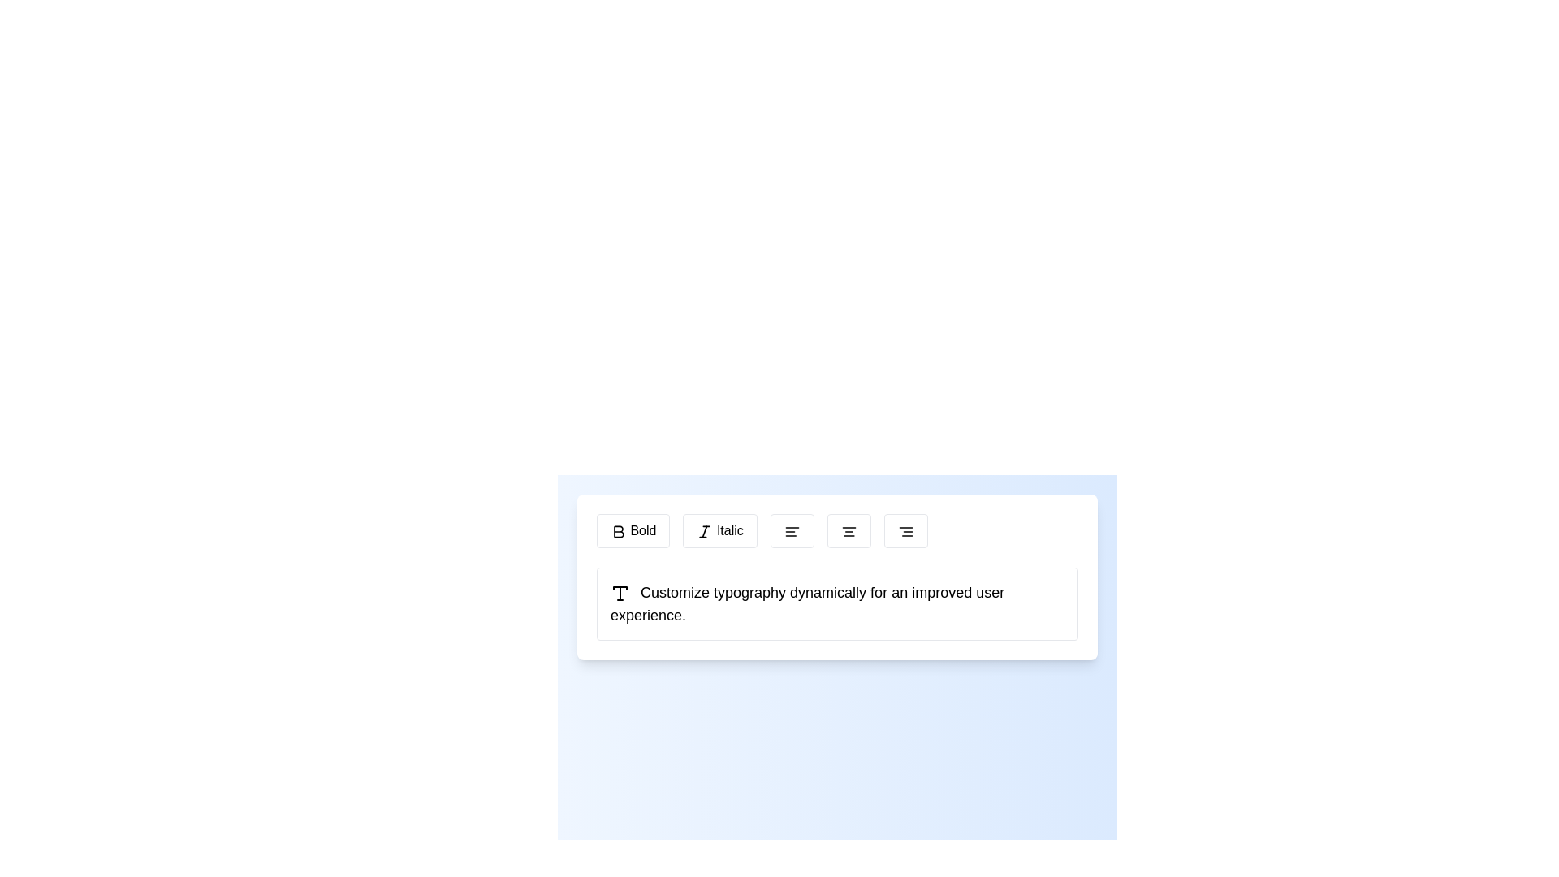 The width and height of the screenshot is (1559, 877). I want to click on the bold icon featuring a stylized 'B' symbol within the 'Bold' button located in the horizontal toolbar at the top of the content area, so click(618, 531).